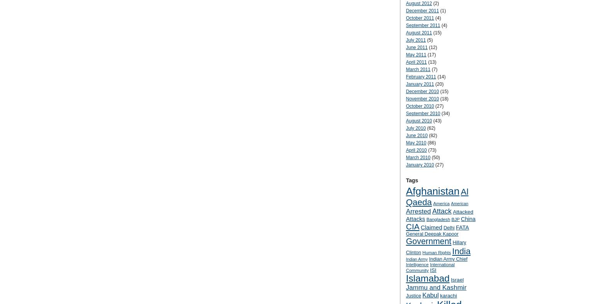  Describe the element at coordinates (425, 219) in the screenshot. I see `'Bangladesh'` at that location.